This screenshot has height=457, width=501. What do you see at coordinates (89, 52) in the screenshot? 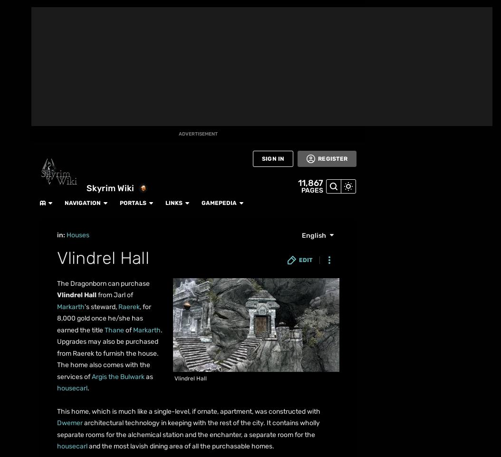
I see `'More Fandoms'` at bounding box center [89, 52].